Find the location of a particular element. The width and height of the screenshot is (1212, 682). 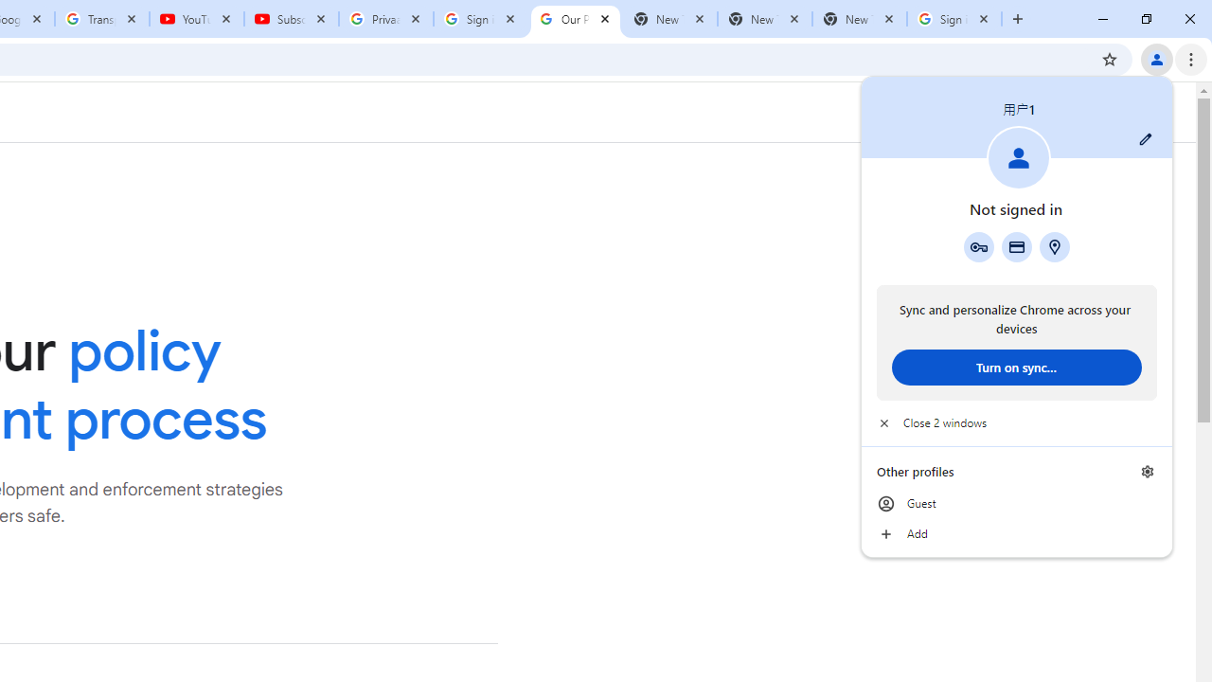

'Subscriptions - YouTube' is located at coordinates (291, 19).